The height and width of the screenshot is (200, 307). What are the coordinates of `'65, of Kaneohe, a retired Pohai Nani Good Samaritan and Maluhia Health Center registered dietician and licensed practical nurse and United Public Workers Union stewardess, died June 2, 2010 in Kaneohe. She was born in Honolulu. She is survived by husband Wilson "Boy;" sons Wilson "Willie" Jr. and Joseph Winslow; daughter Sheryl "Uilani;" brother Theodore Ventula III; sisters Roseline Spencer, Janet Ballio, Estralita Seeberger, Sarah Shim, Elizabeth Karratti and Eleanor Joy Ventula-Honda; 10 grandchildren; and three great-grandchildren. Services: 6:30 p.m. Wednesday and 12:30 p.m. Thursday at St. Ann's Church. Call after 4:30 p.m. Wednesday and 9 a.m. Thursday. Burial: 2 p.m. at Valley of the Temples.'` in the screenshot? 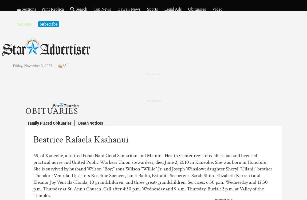 It's located at (153, 175).